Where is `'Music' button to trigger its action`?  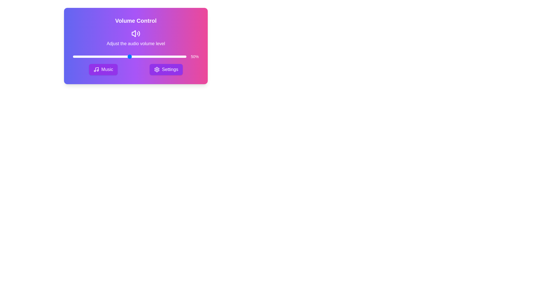 'Music' button to trigger its action is located at coordinates (103, 69).